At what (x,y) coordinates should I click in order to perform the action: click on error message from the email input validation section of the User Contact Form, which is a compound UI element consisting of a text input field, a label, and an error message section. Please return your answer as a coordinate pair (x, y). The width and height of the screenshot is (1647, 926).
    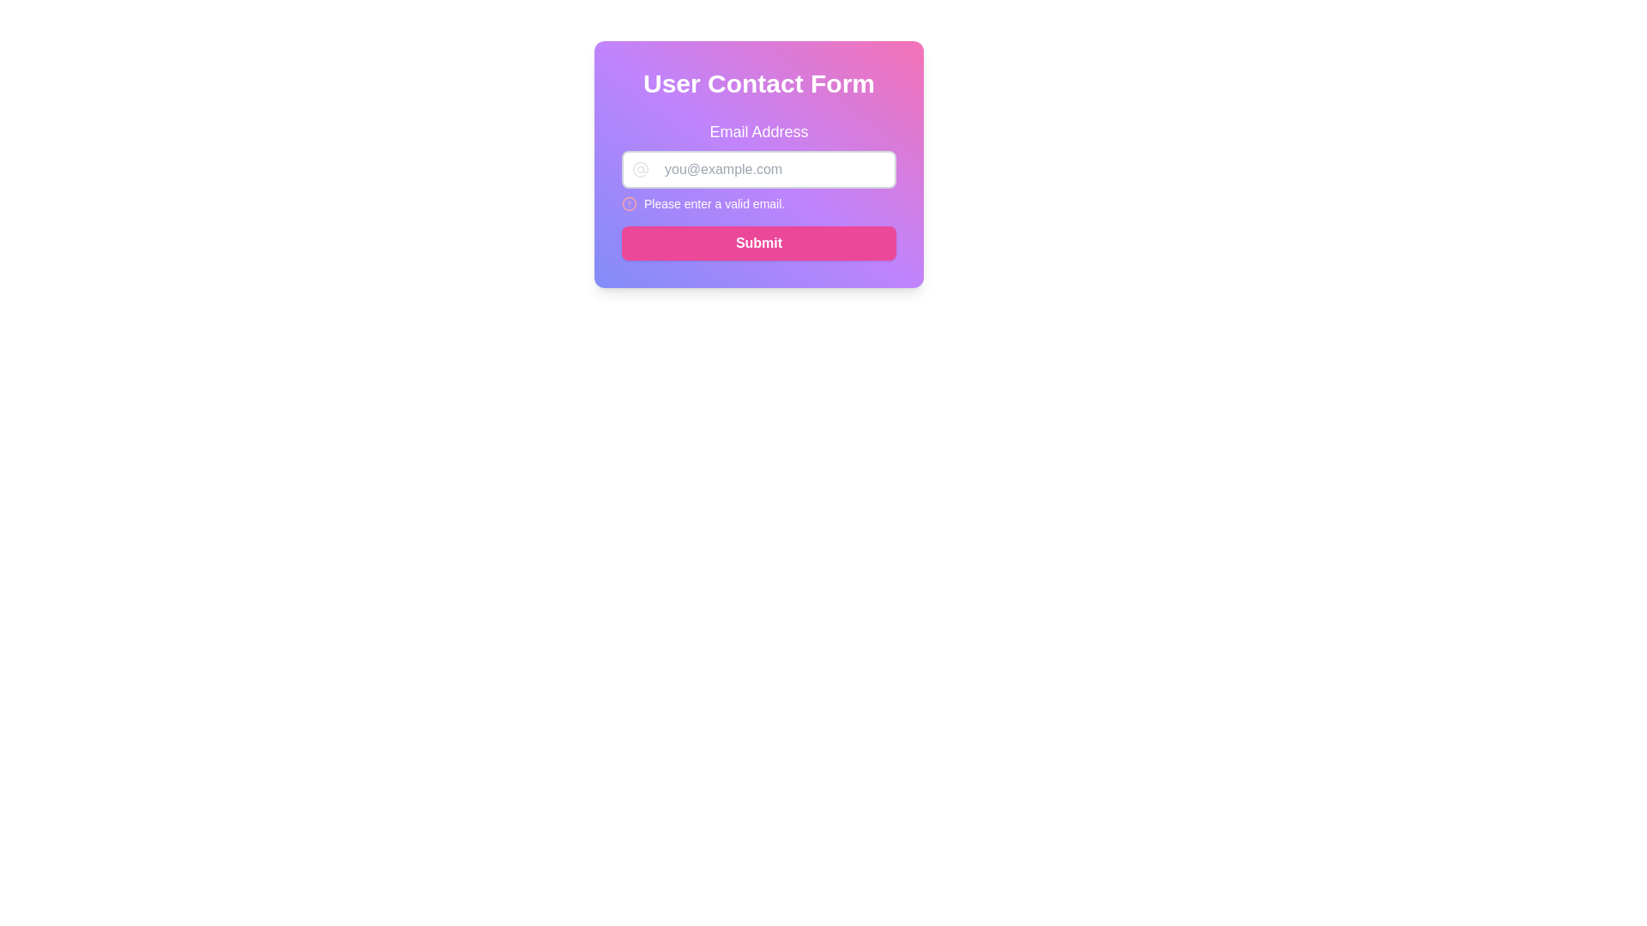
    Looking at the image, I should click on (757, 165).